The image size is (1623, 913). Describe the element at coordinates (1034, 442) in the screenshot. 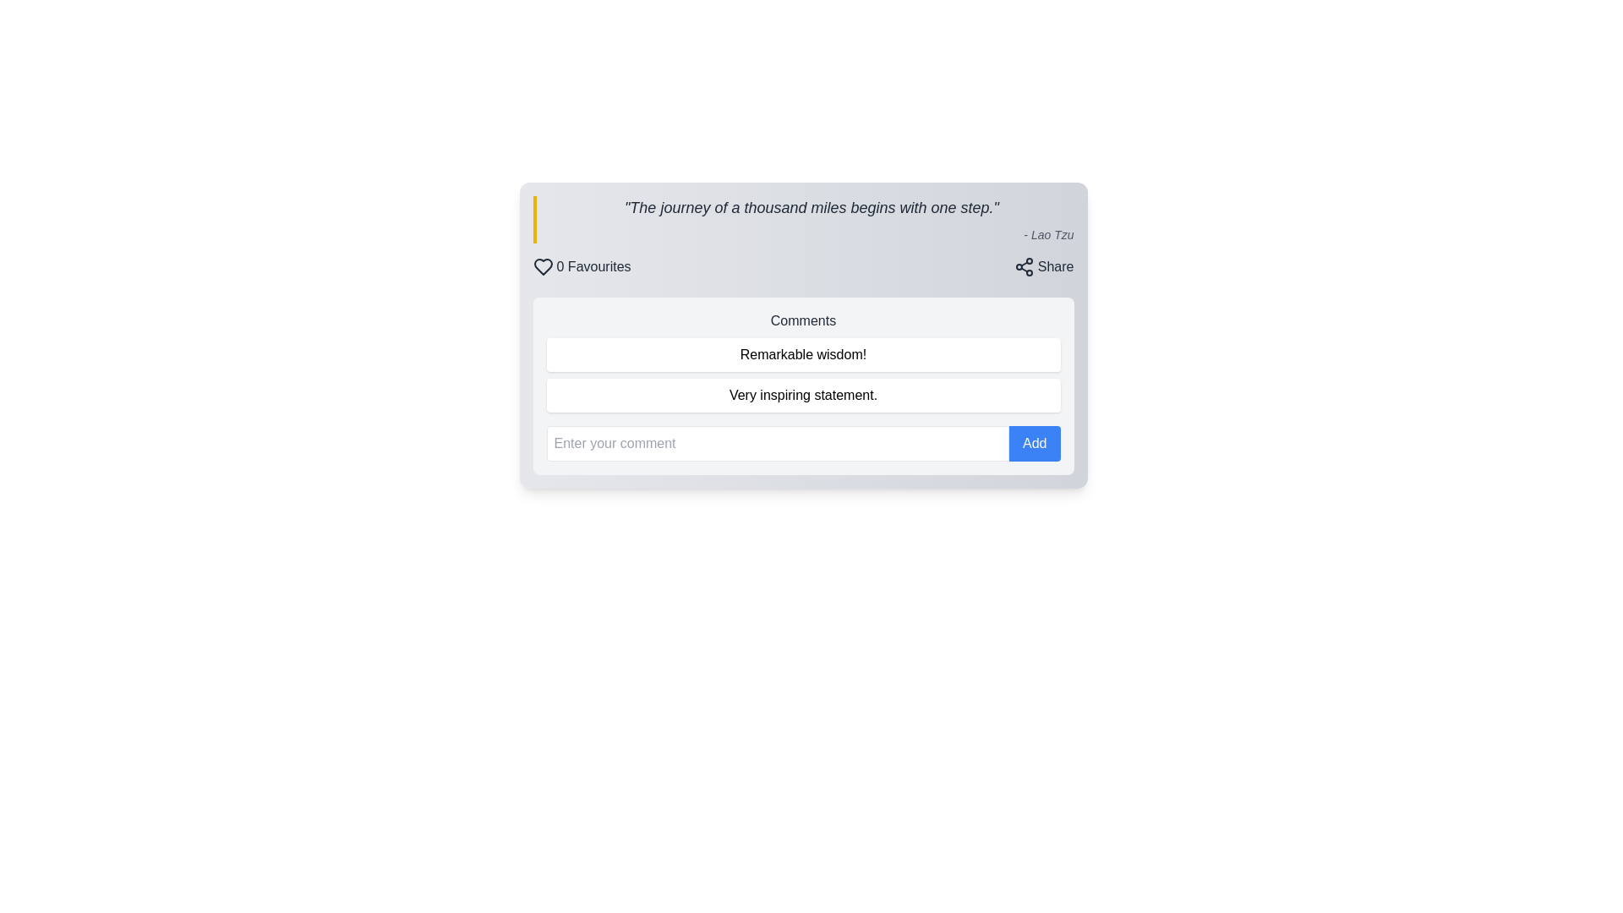

I see `the 'Add' button with a blue background and white text` at that location.